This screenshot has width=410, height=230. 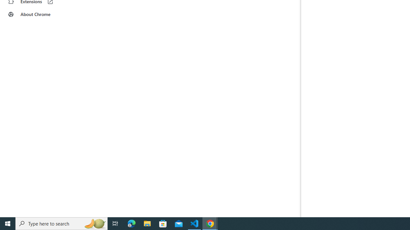 I want to click on 'Start', so click(x=8, y=223).